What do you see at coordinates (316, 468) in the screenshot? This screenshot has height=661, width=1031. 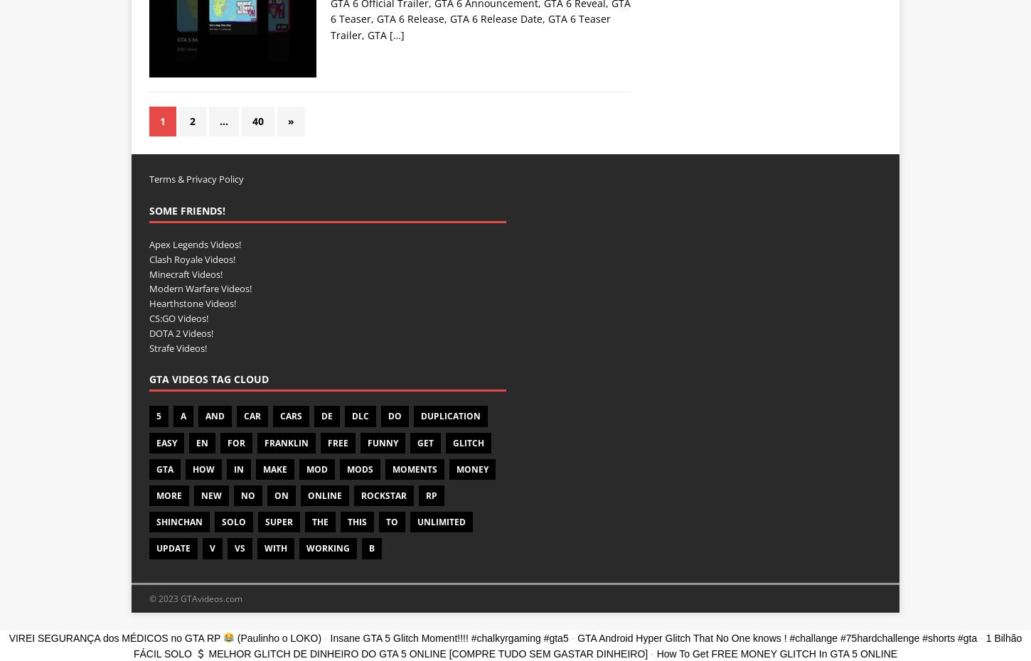 I see `'Mod'` at bounding box center [316, 468].